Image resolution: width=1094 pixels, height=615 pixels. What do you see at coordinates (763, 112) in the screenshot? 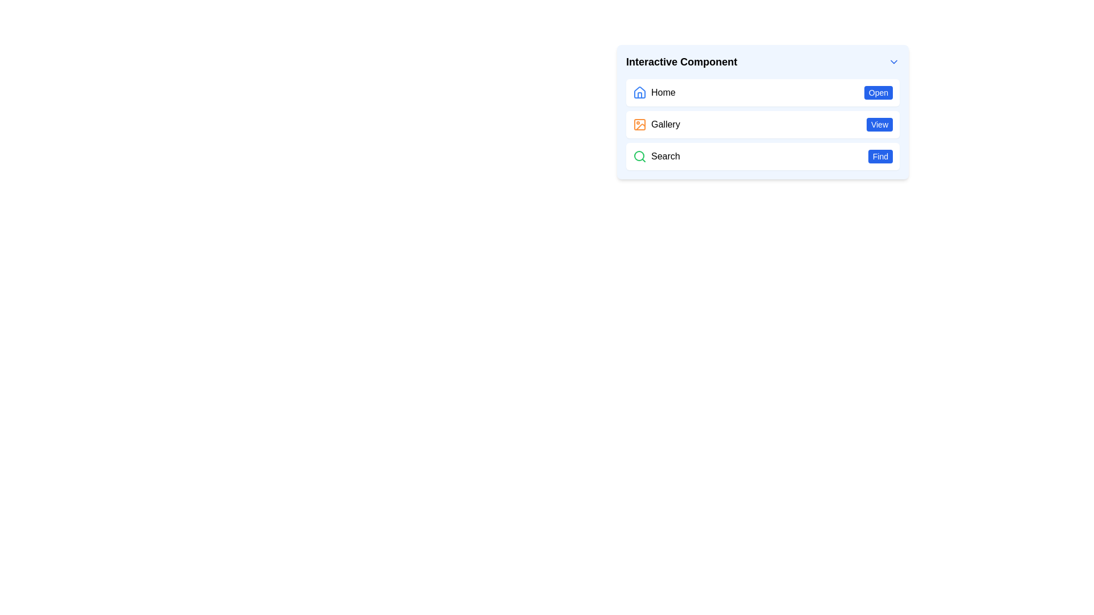
I see `the second interactive menu item located below the 'Home' item and above the 'Search' item for further interaction` at bounding box center [763, 112].